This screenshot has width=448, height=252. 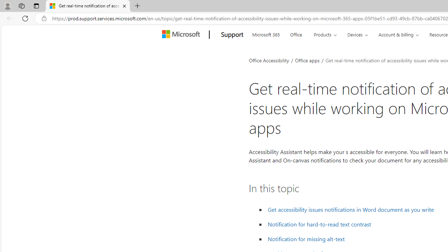 What do you see at coordinates (21, 6) in the screenshot?
I see `'Workspaces'` at bounding box center [21, 6].